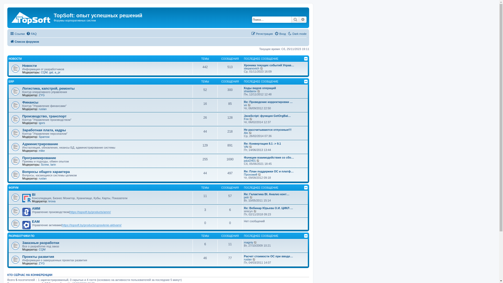 This screenshot has height=283, width=503. Describe the element at coordinates (246, 119) in the screenshot. I see `'Fox'` at that location.